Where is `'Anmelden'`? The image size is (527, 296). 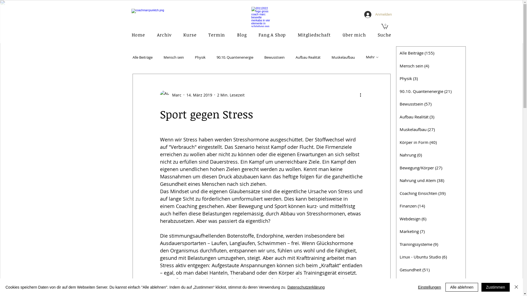 'Anmelden' is located at coordinates (376, 14).